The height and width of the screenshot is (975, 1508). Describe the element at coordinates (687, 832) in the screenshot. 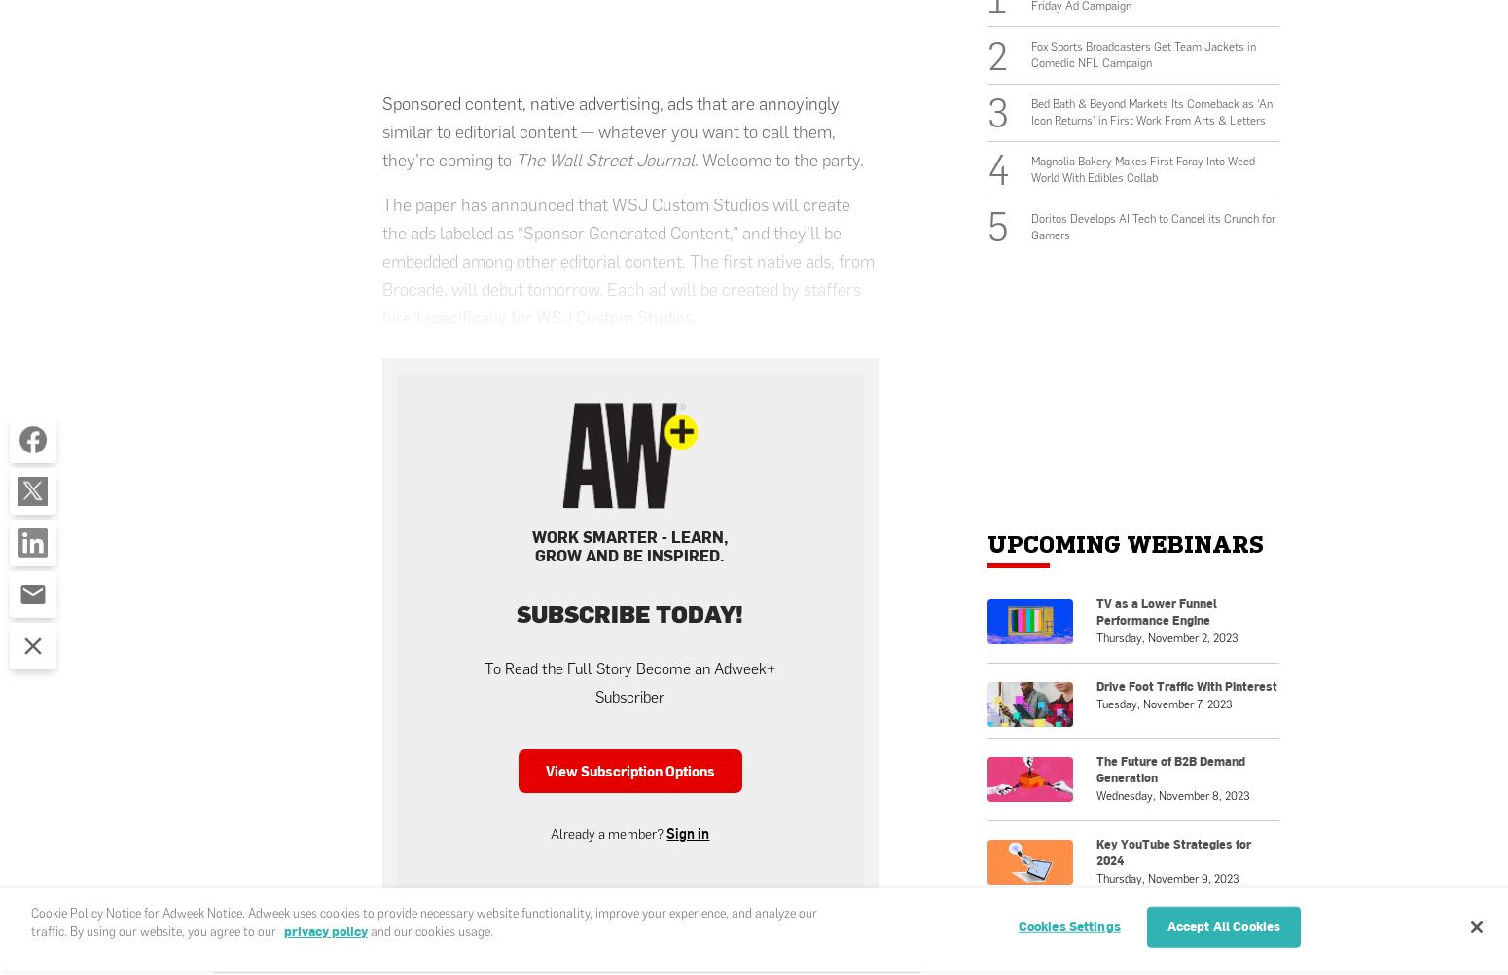

I see `'Sign in'` at that location.